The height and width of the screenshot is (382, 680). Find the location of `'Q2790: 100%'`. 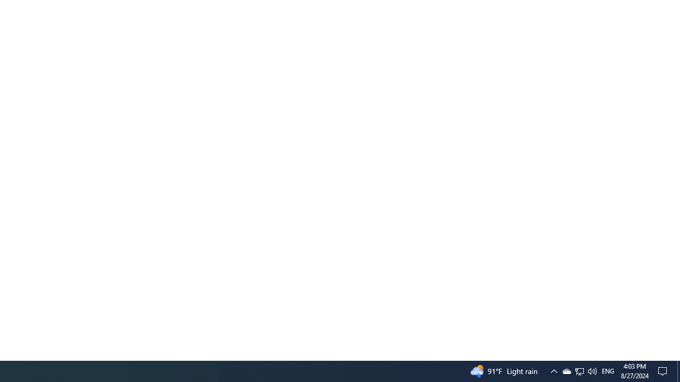

'Q2790: 100%' is located at coordinates (591, 370).